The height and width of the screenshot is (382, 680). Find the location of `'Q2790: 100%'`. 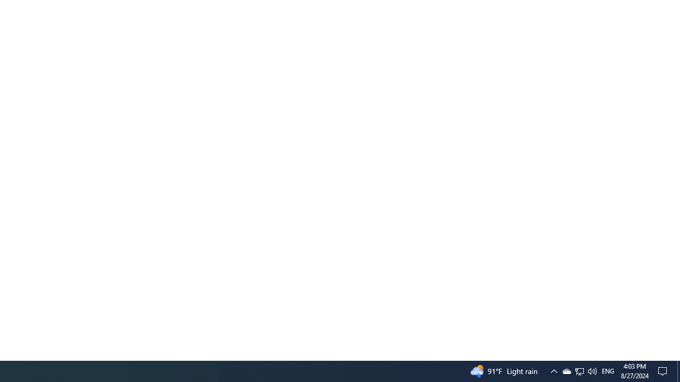

'Q2790: 100%' is located at coordinates (591, 370).